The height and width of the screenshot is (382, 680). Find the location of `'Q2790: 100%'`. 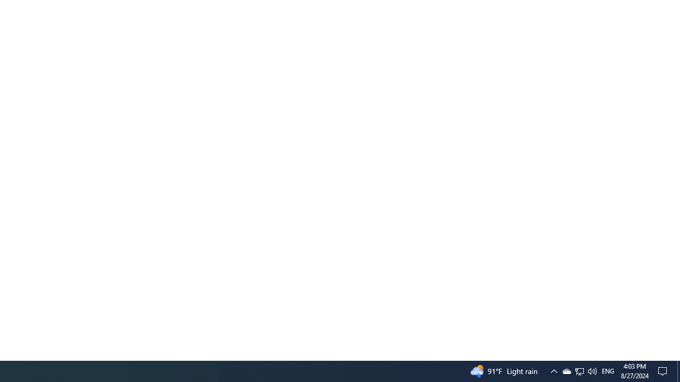

'Q2790: 100%' is located at coordinates (591, 370).